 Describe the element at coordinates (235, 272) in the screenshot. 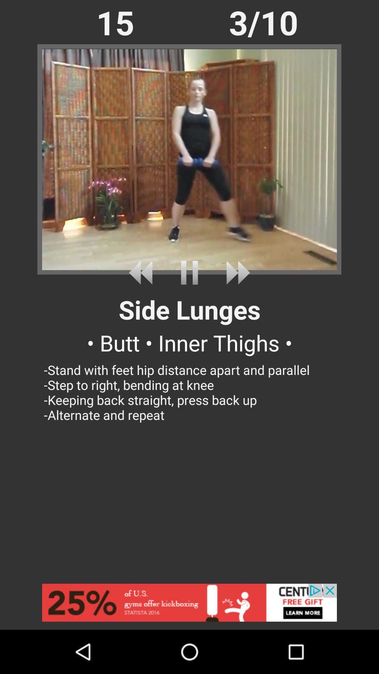

I see `next song` at that location.